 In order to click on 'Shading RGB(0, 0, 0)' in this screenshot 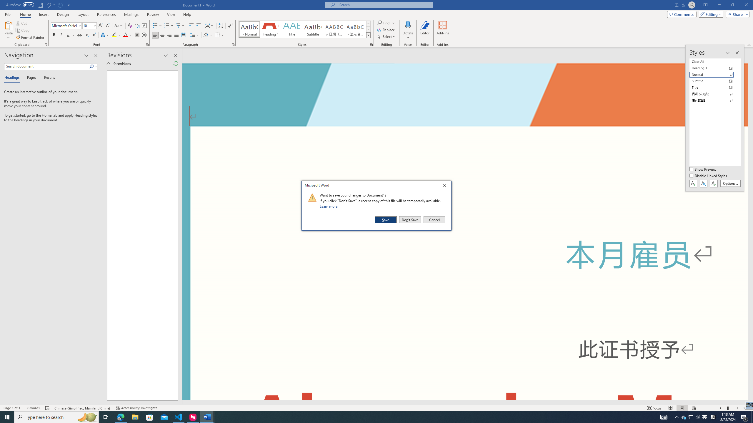, I will do `click(206, 35)`.